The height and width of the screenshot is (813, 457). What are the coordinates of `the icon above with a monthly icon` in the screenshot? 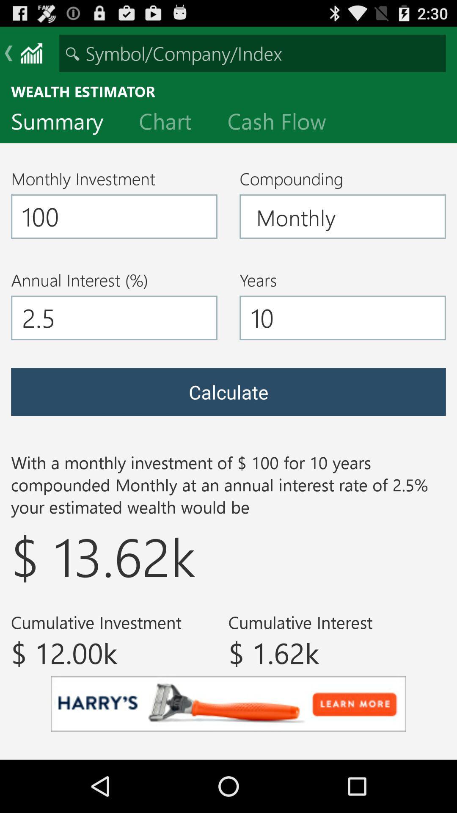 It's located at (228, 391).